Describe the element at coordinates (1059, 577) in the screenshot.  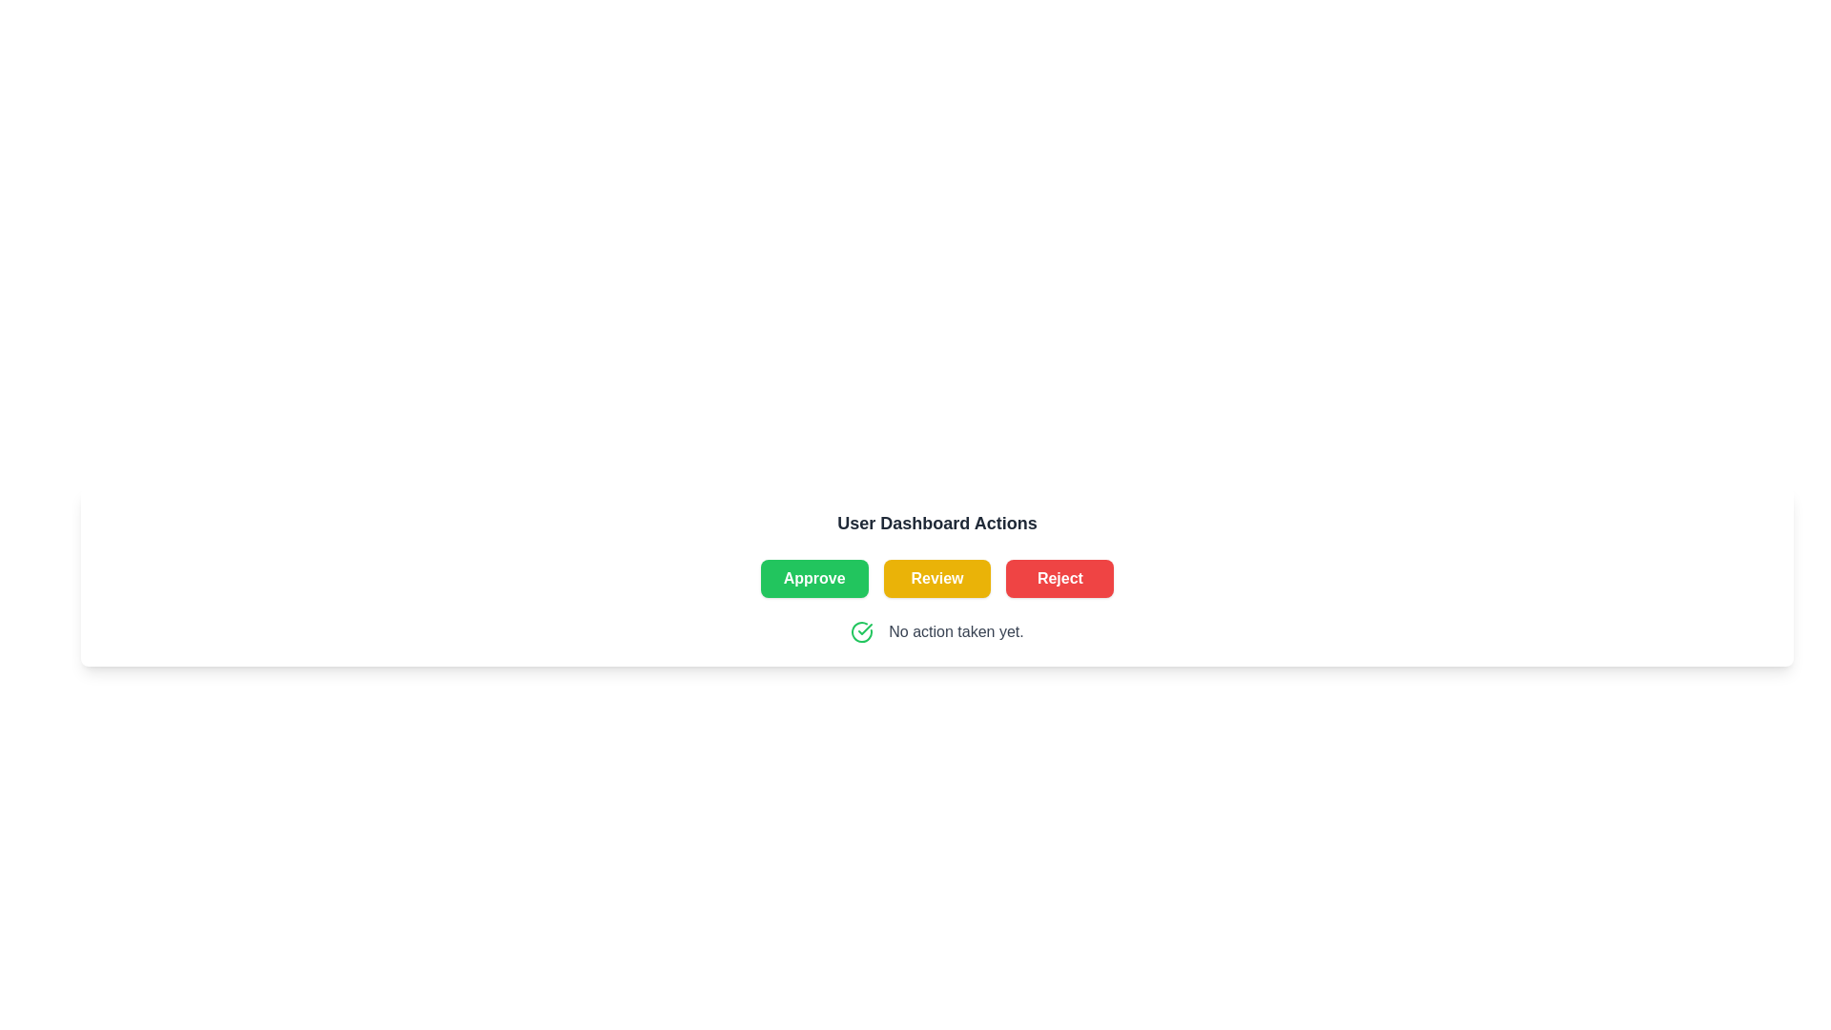
I see `the 'Reject' button, which is the third button in a row of three buttons at the bottom center of the interface, to trigger interaction effects` at that location.